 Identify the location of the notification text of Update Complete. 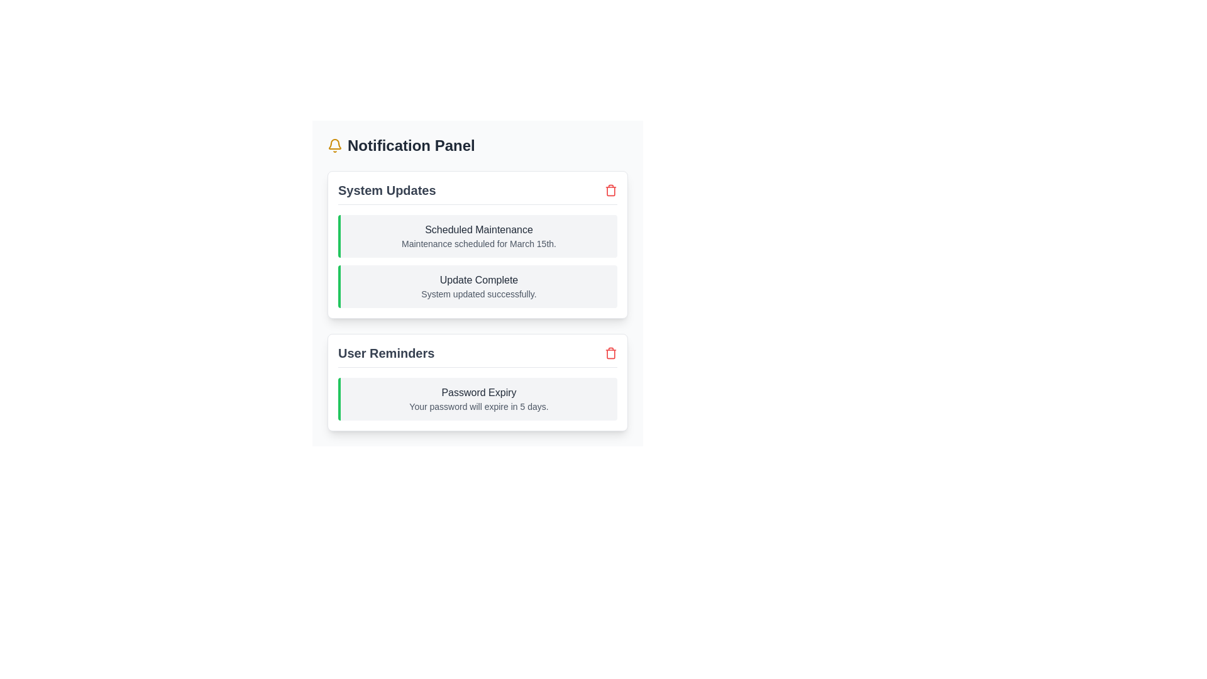
(477, 280).